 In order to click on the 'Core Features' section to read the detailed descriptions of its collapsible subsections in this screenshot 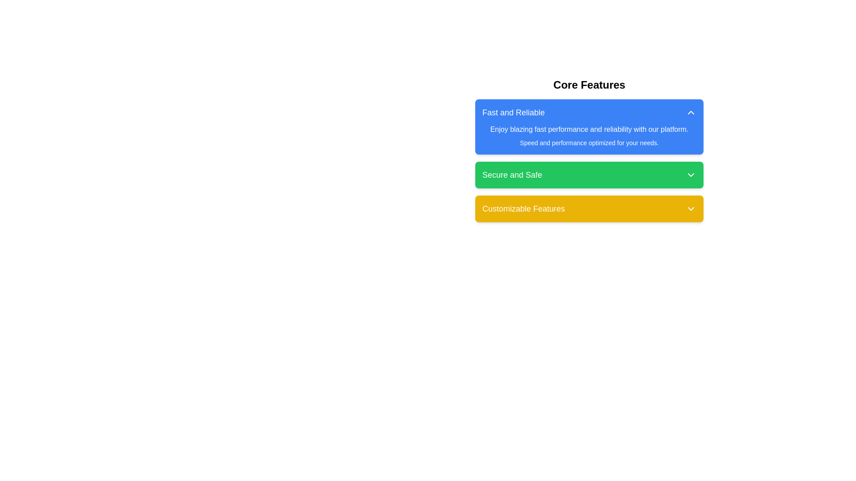, I will do `click(589, 149)`.